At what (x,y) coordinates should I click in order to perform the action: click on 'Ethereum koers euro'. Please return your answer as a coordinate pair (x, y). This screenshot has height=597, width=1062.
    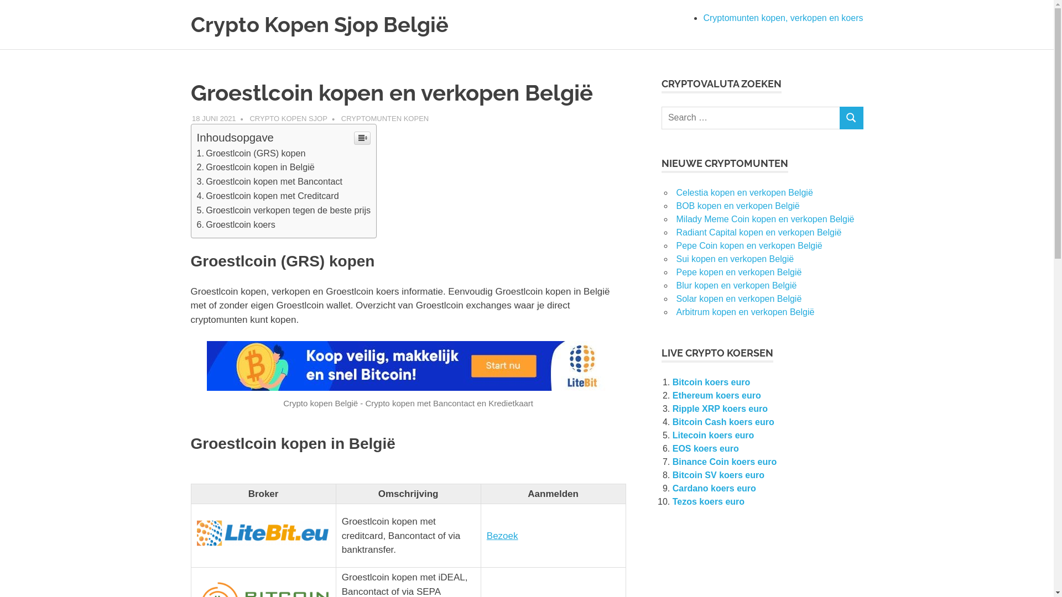
    Looking at the image, I should click on (717, 395).